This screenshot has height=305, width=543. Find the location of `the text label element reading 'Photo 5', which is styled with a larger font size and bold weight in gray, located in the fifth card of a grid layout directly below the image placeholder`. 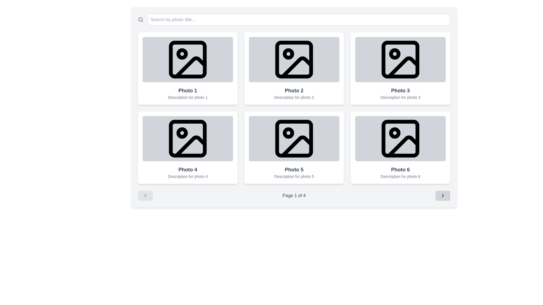

the text label element reading 'Photo 5', which is styled with a larger font size and bold weight in gray, located in the fifth card of a grid layout directly below the image placeholder is located at coordinates (294, 169).